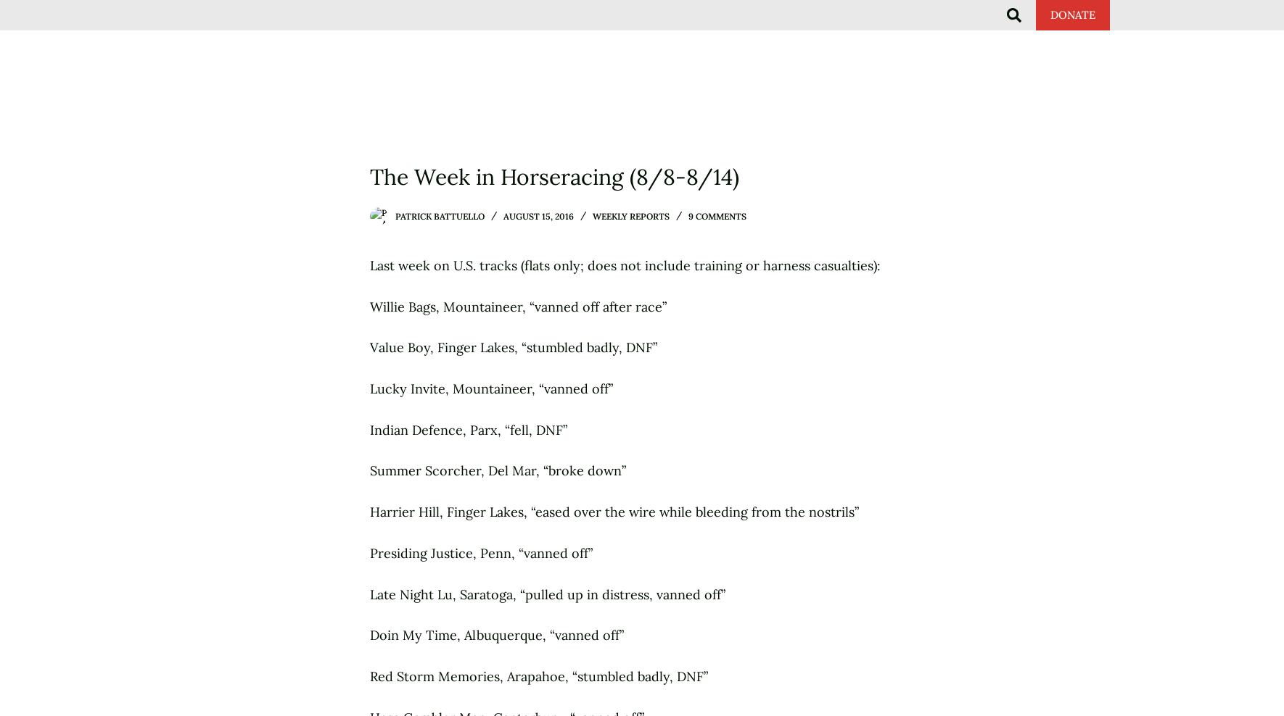 This screenshot has width=1284, height=716. Describe the element at coordinates (1077, 29) in the screenshot. I see `'Contact'` at that location.